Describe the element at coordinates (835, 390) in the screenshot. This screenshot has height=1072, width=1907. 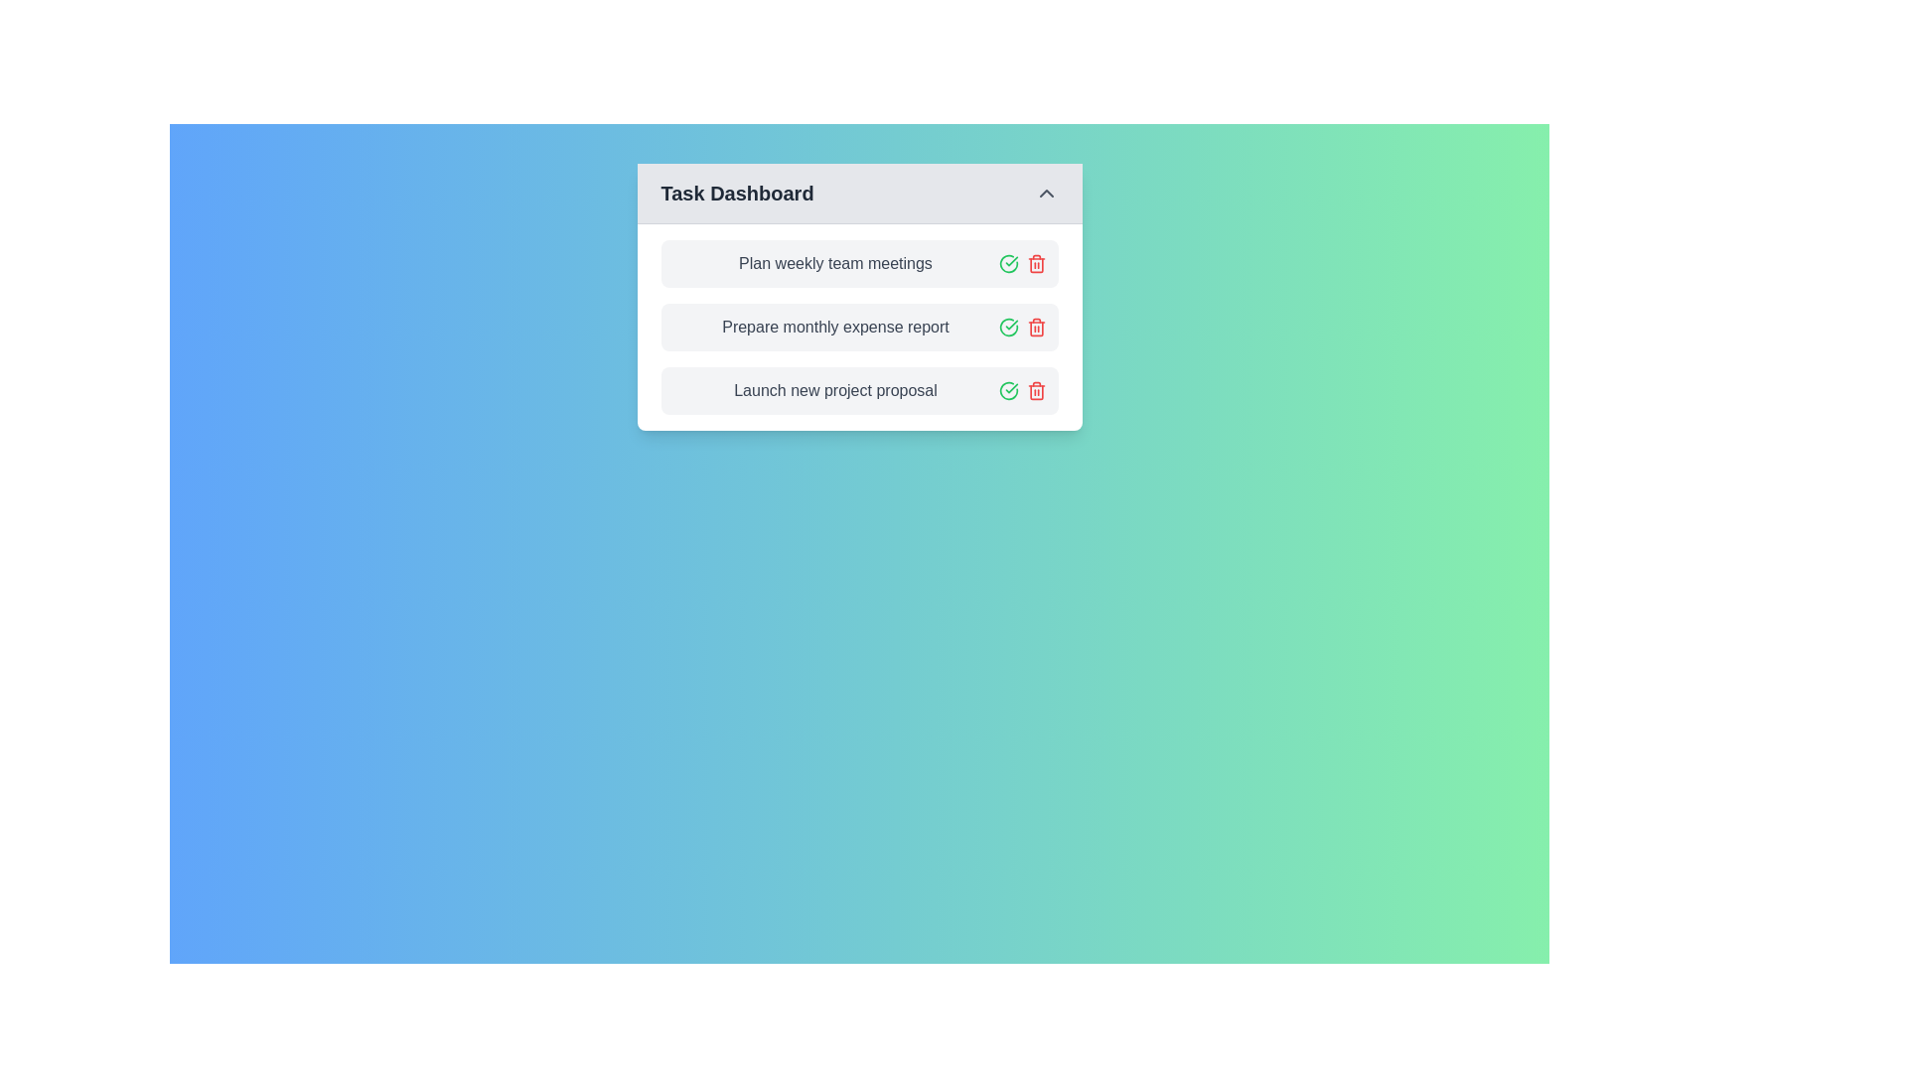
I see `the static text label displaying 'Launch new project proposal' located in the third task item of the 'Task Dashboard' list` at that location.